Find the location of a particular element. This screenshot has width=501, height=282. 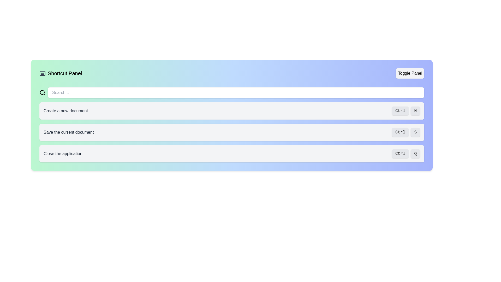

the input field next to the circular search icon resembling a magnifying glass, located at the left side of the search bar is located at coordinates (43, 92).